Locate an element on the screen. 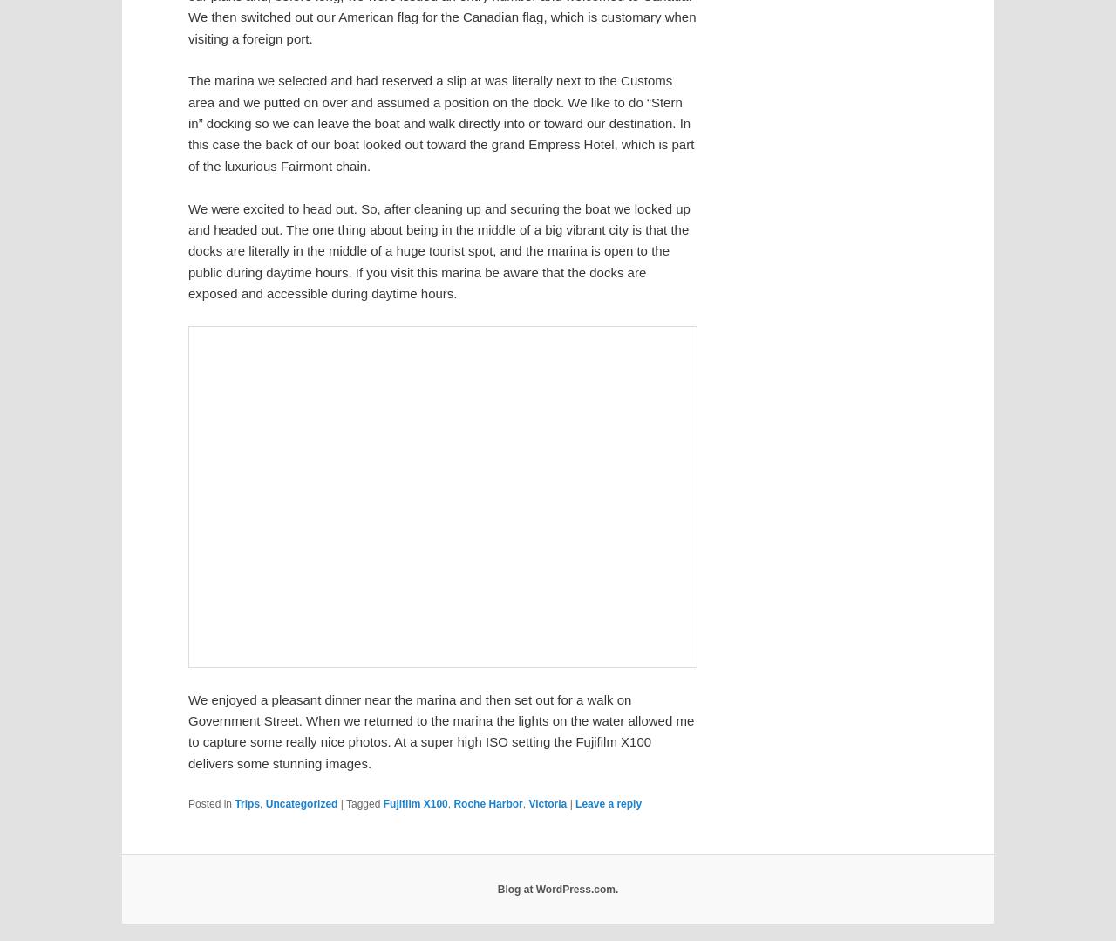  'Blog at WordPress.com.' is located at coordinates (556, 889).